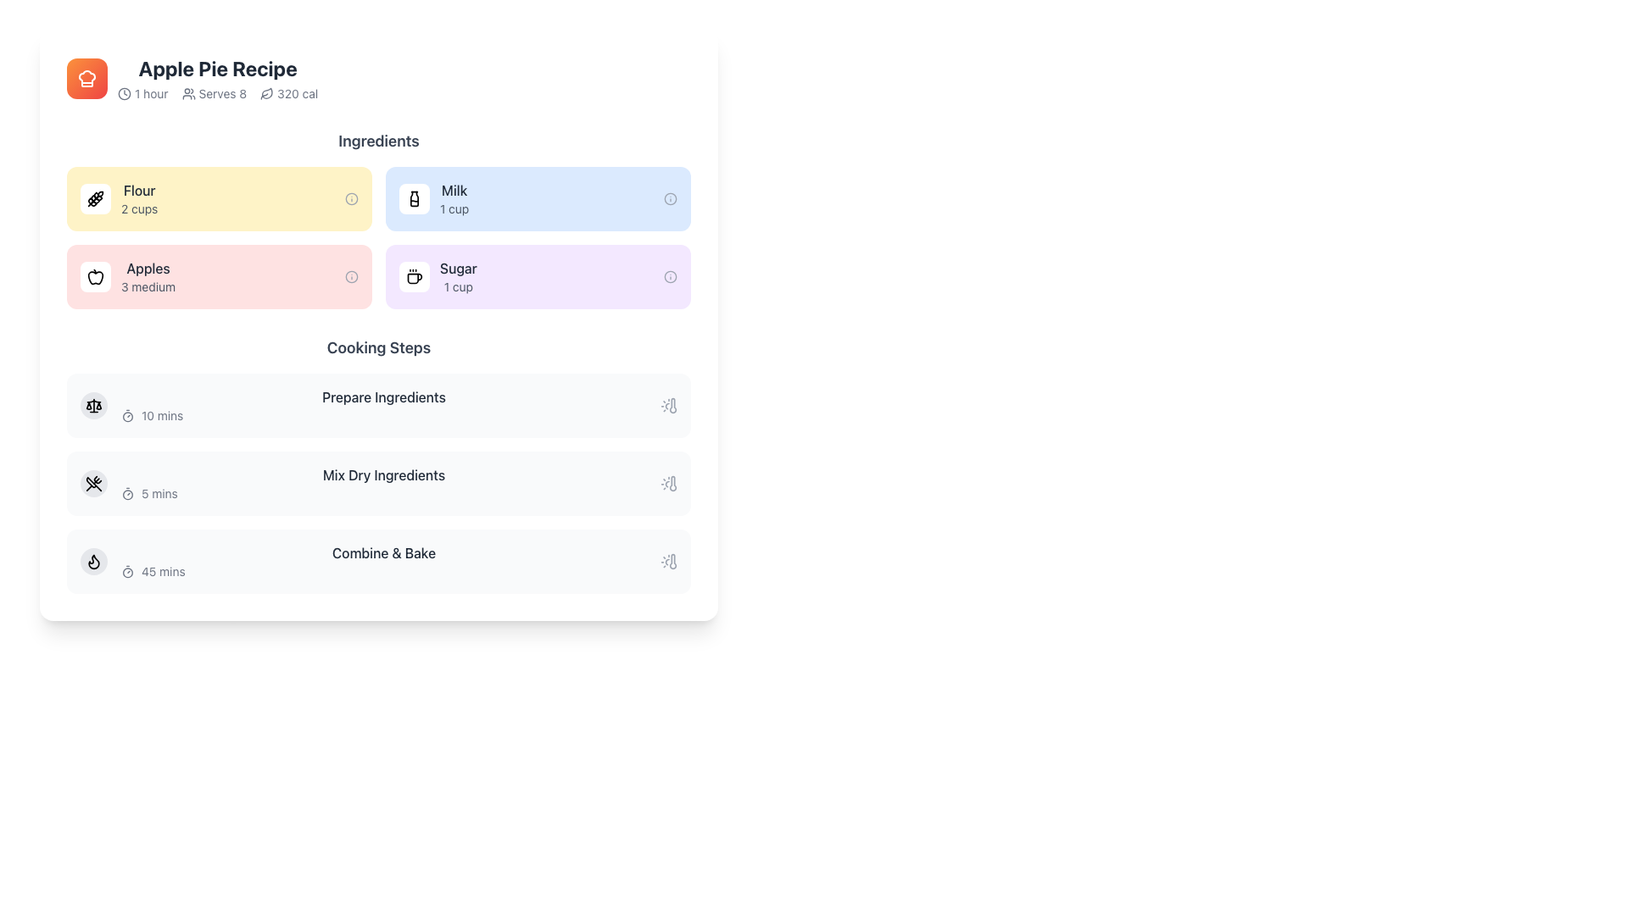 Image resolution: width=1628 pixels, height=915 pixels. I want to click on the 'Combine & Bake' text label in the cooking steps list to focus it and see details, so click(382, 562).